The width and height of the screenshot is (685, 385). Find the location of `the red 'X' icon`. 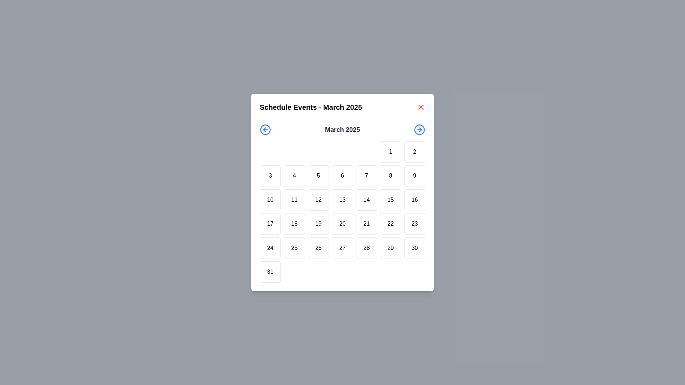

the red 'X' icon is located at coordinates (421, 107).